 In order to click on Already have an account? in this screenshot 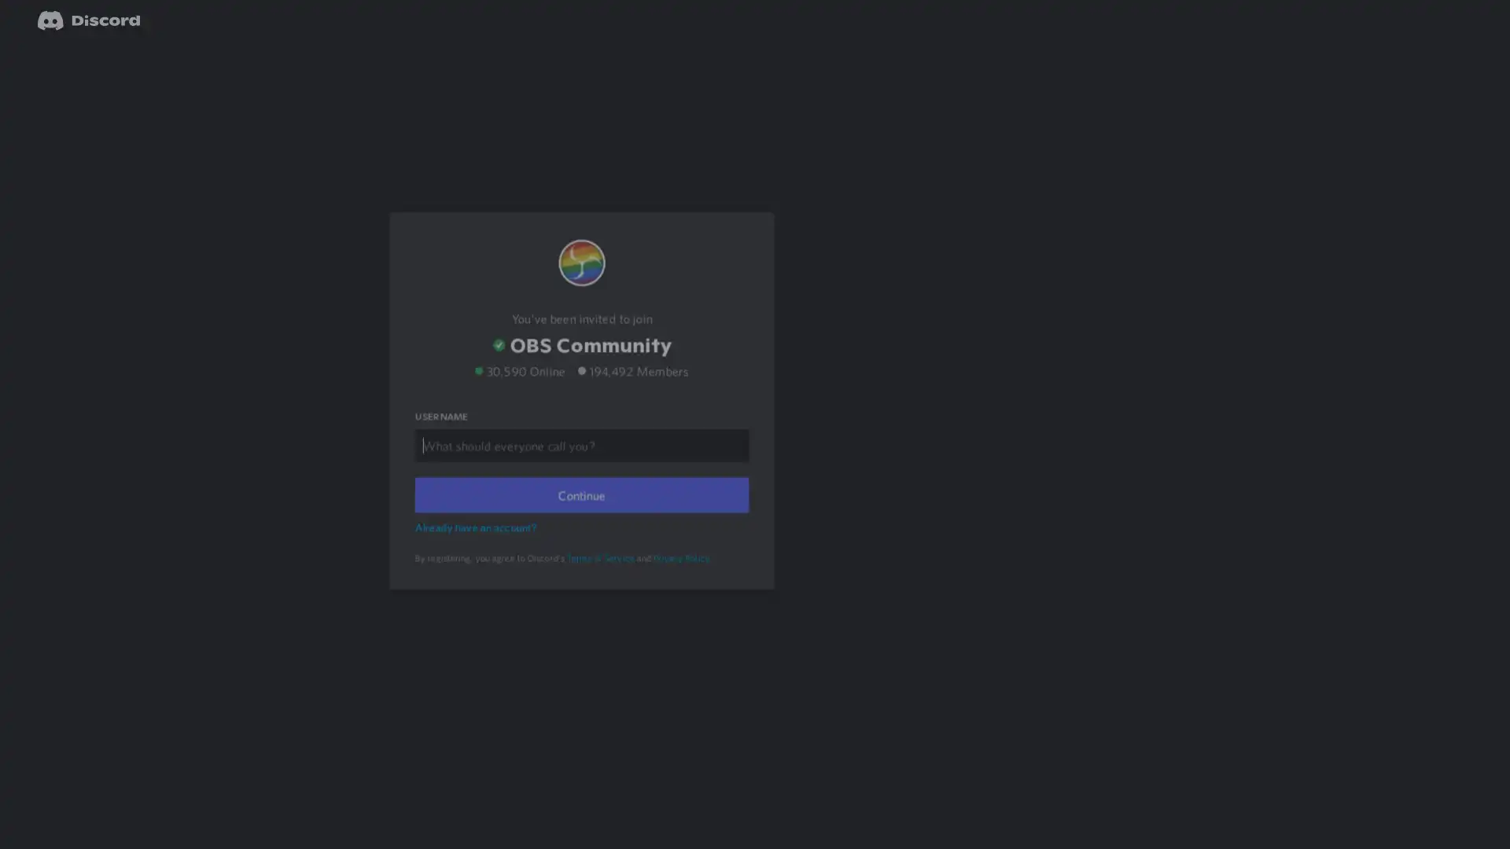, I will do `click(477, 547)`.